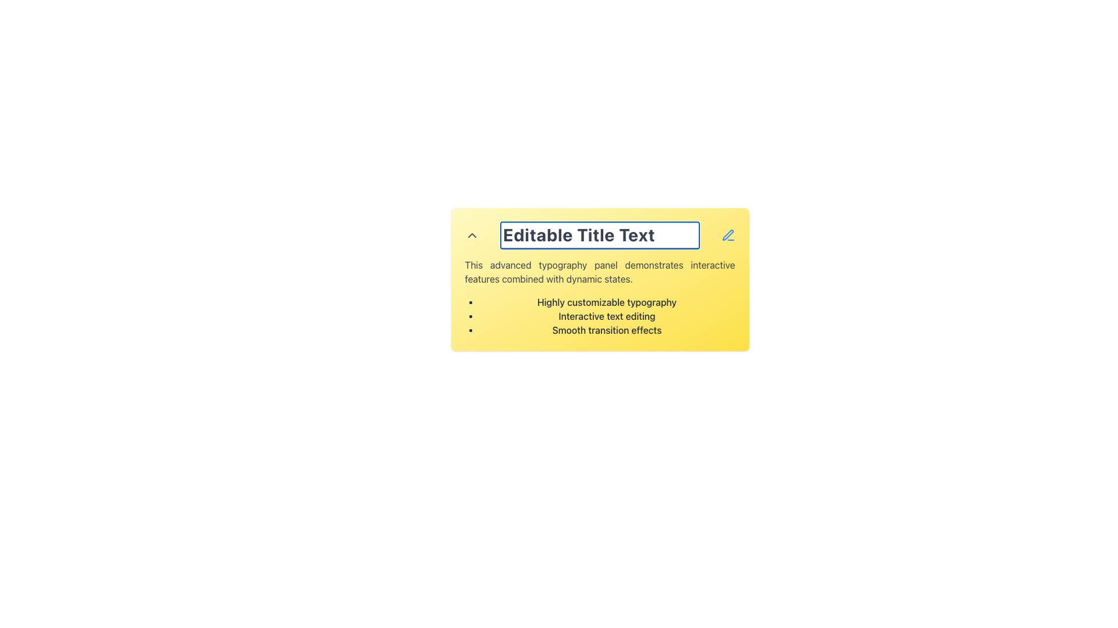  I want to click on the text label element that reads 'Highly customizable typography', which is the first item in a bulleted list on a light yellow background, so click(606, 302).